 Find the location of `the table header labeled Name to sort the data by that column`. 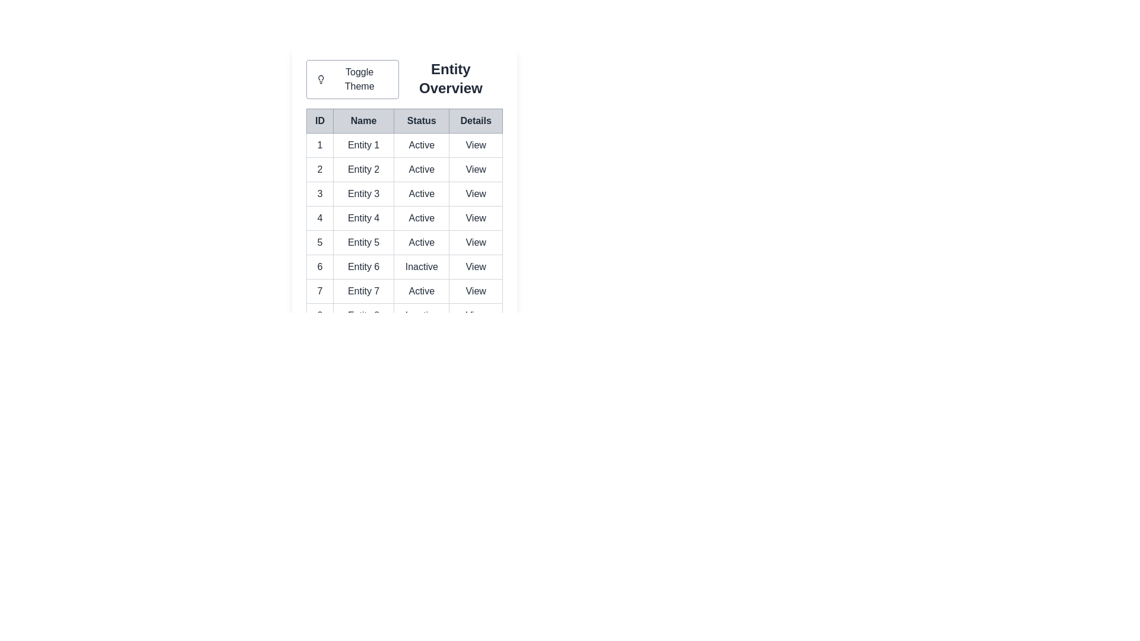

the table header labeled Name to sort the data by that column is located at coordinates (363, 121).